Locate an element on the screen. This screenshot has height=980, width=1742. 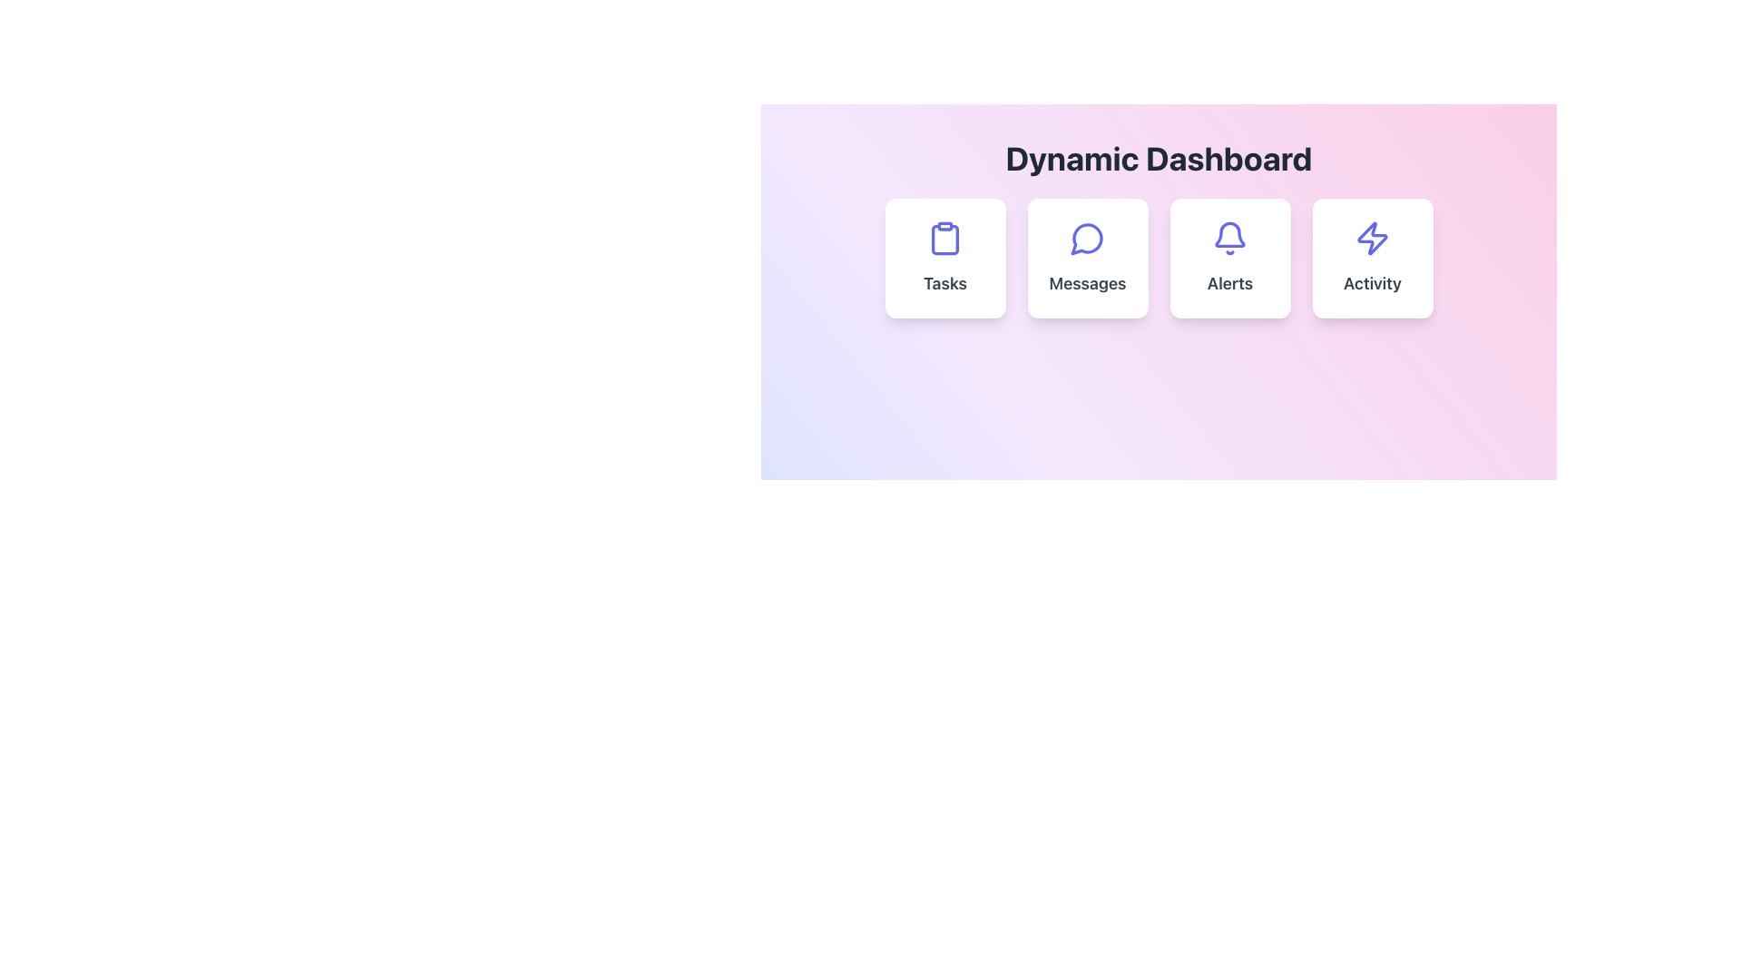
the lightning bolt icon representing 'Activity' located on the rightmost side of the row of cards, below 'Dynamic Dashboard' is located at coordinates (1372, 237).